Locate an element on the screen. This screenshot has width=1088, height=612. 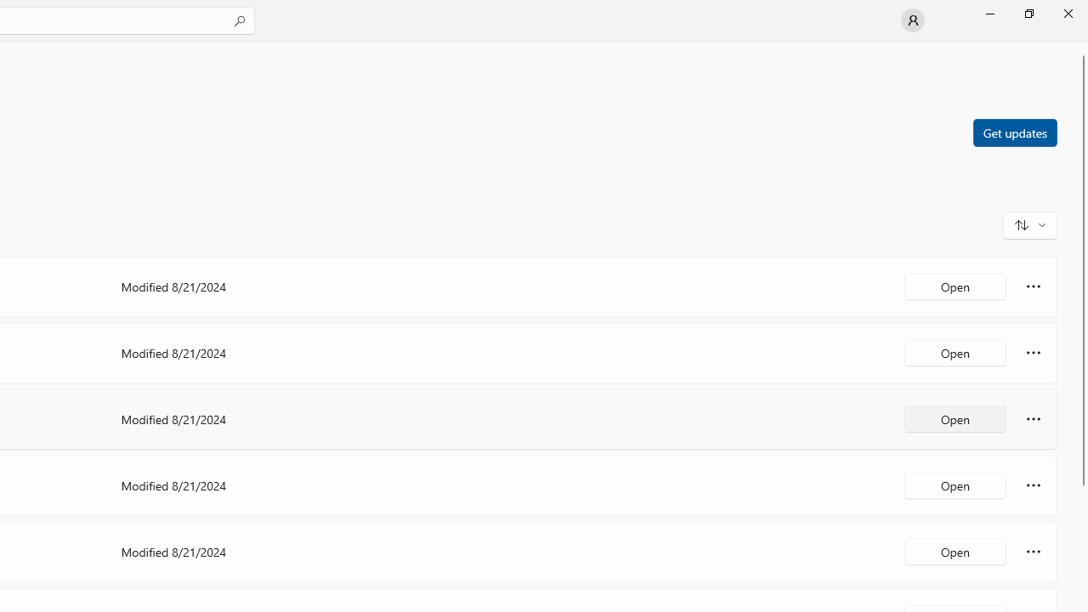
'User profile' is located at coordinates (911, 20).